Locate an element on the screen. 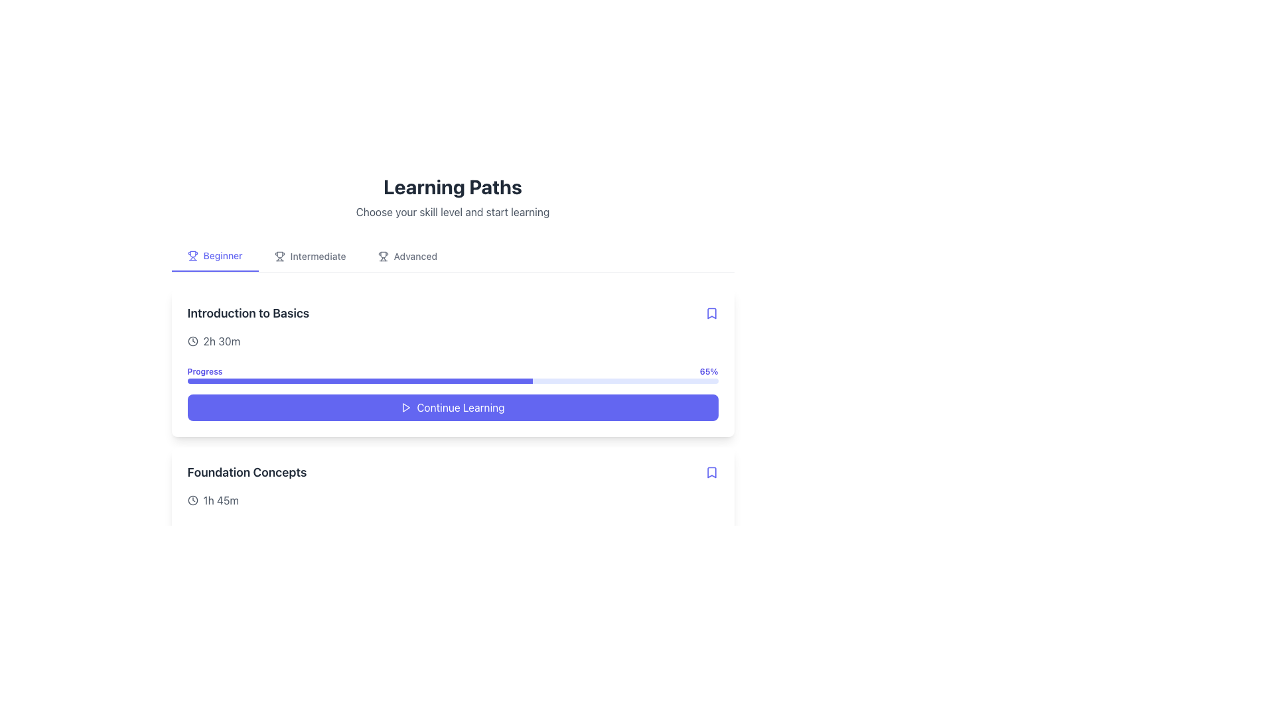 This screenshot has height=716, width=1274. the play icon, which is a small triangular shape located within the 'Continue Learning' section, to initiate playback is located at coordinates (406, 406).